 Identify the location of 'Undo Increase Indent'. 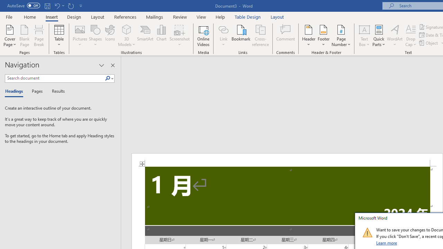
(59, 6).